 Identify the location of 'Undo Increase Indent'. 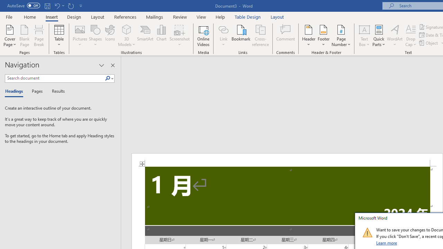
(59, 6).